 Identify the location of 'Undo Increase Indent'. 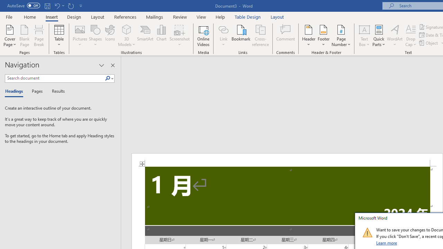
(59, 6).